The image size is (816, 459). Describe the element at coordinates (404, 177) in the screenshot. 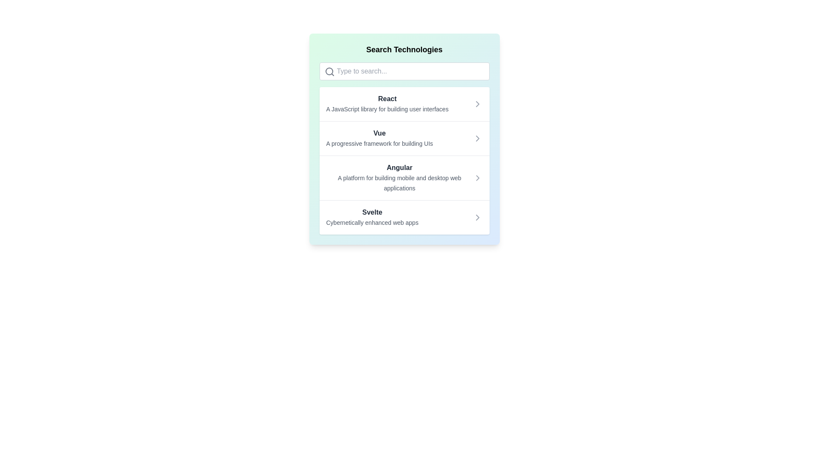

I see `the third list item in the card layout that details the 'Angular' platform` at that location.